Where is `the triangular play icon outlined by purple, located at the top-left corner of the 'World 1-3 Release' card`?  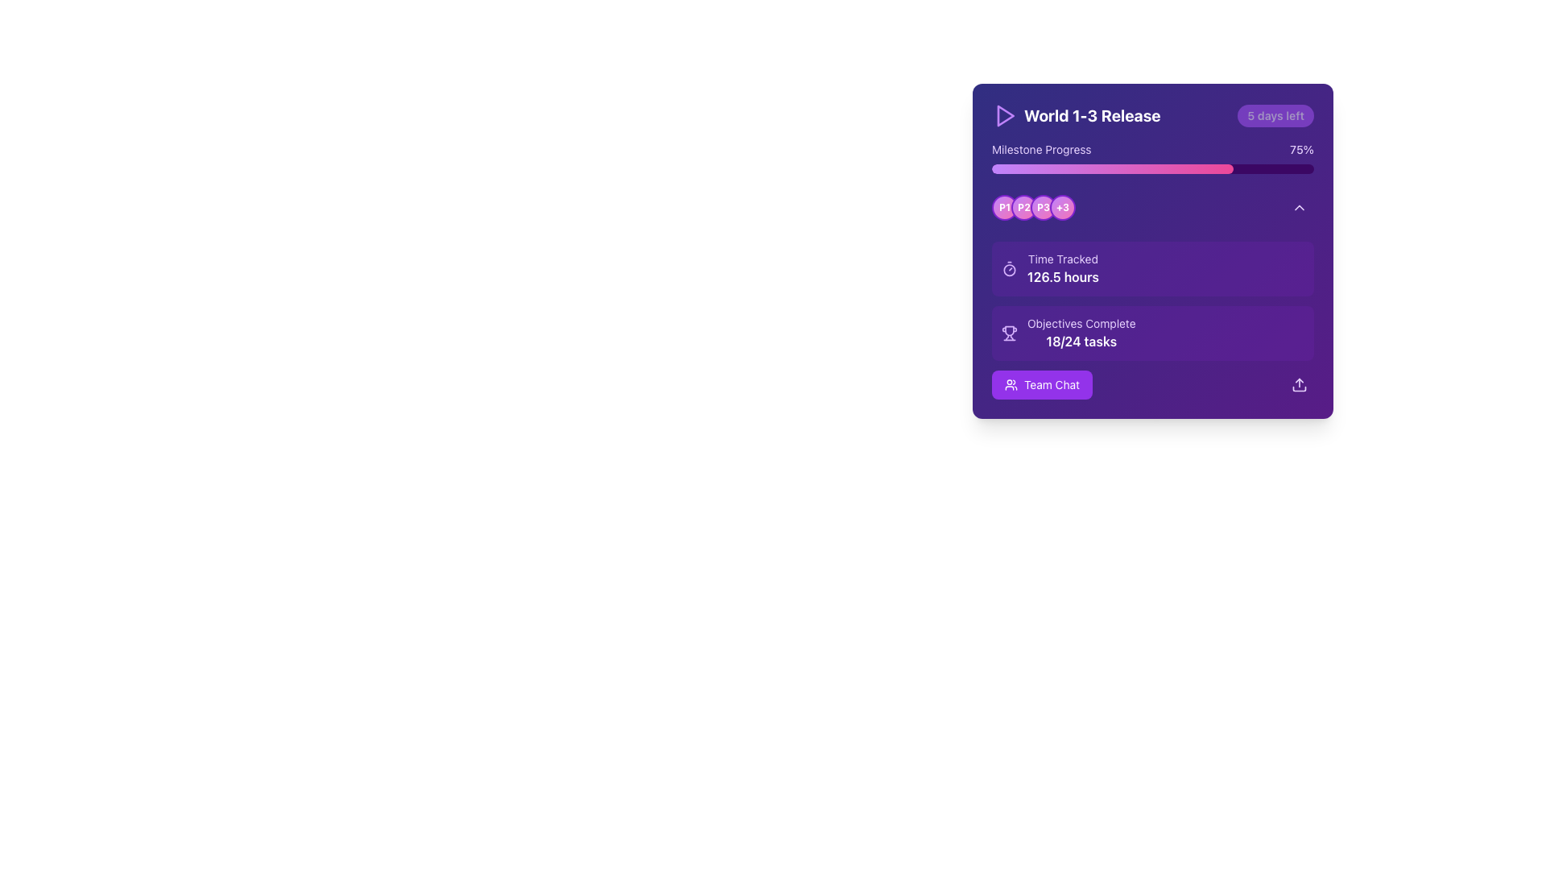
the triangular play icon outlined by purple, located at the top-left corner of the 'World 1-3 Release' card is located at coordinates (1005, 114).